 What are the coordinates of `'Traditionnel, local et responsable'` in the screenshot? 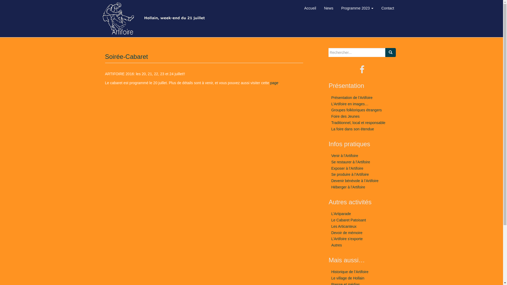 It's located at (358, 123).